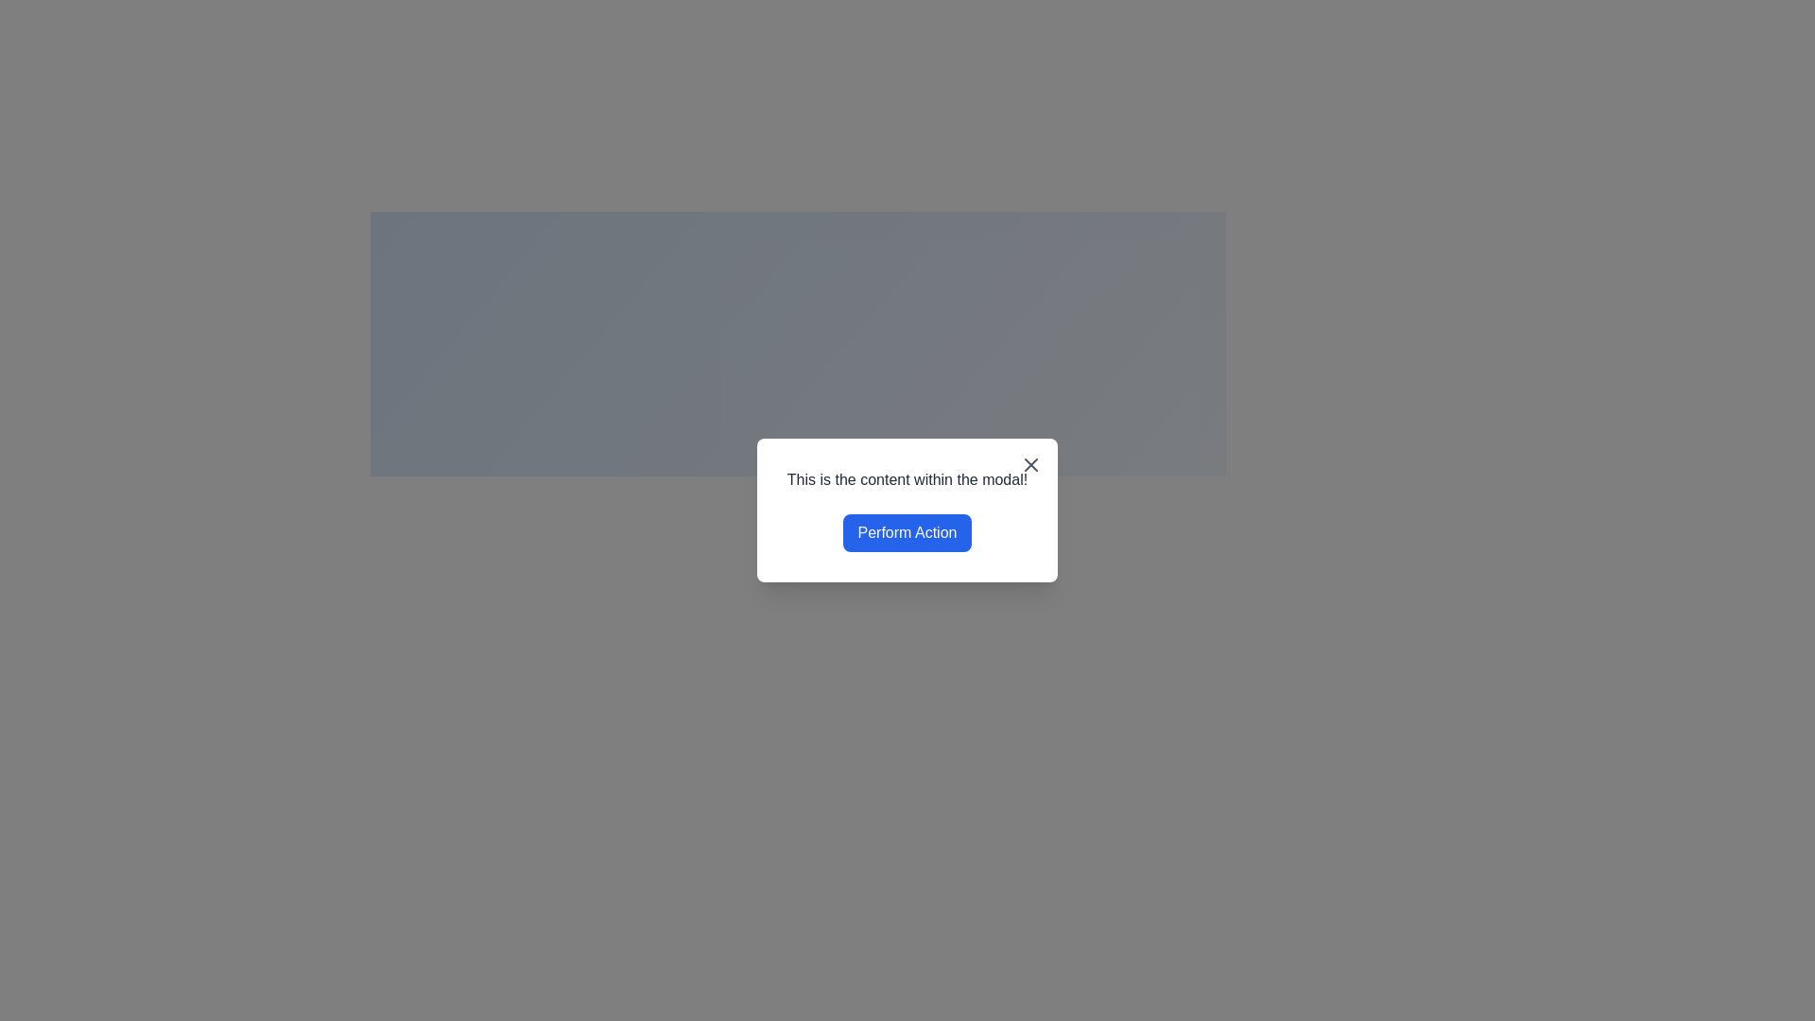  What do you see at coordinates (907, 532) in the screenshot?
I see `the primary call-to-action button located in the center of the modal, positioned below the text 'This is the content within the modal!'` at bounding box center [907, 532].